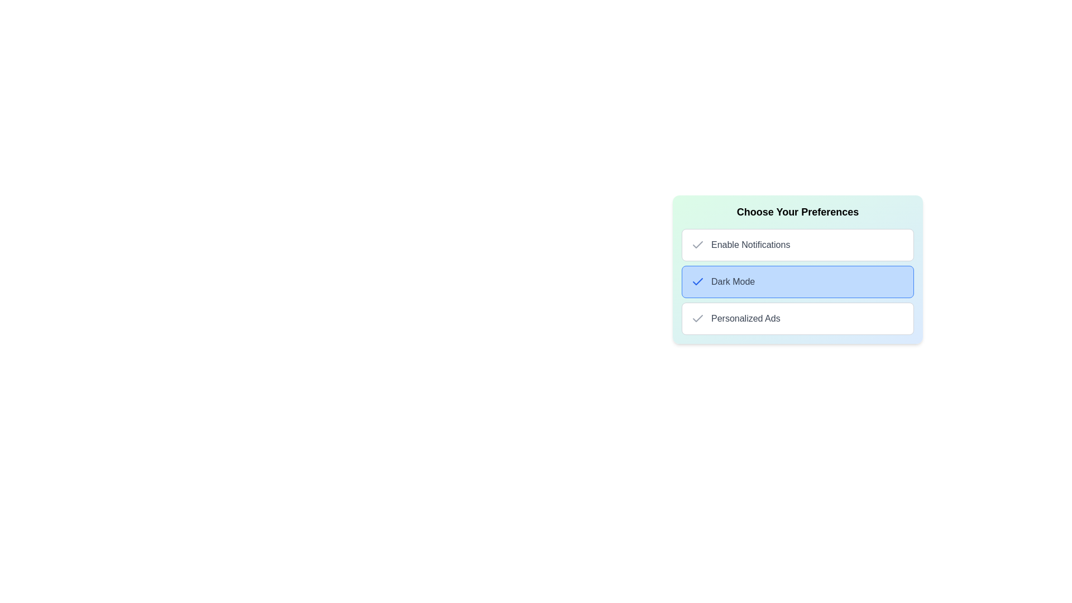 This screenshot has width=1072, height=603. I want to click on the checkbox for 'Enable Notifications' to check or uncheck it, so click(697, 245).